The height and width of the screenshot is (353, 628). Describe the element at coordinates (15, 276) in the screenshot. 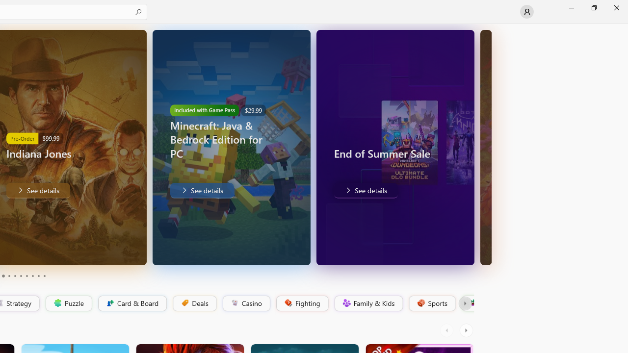

I see `'Page 5'` at that location.